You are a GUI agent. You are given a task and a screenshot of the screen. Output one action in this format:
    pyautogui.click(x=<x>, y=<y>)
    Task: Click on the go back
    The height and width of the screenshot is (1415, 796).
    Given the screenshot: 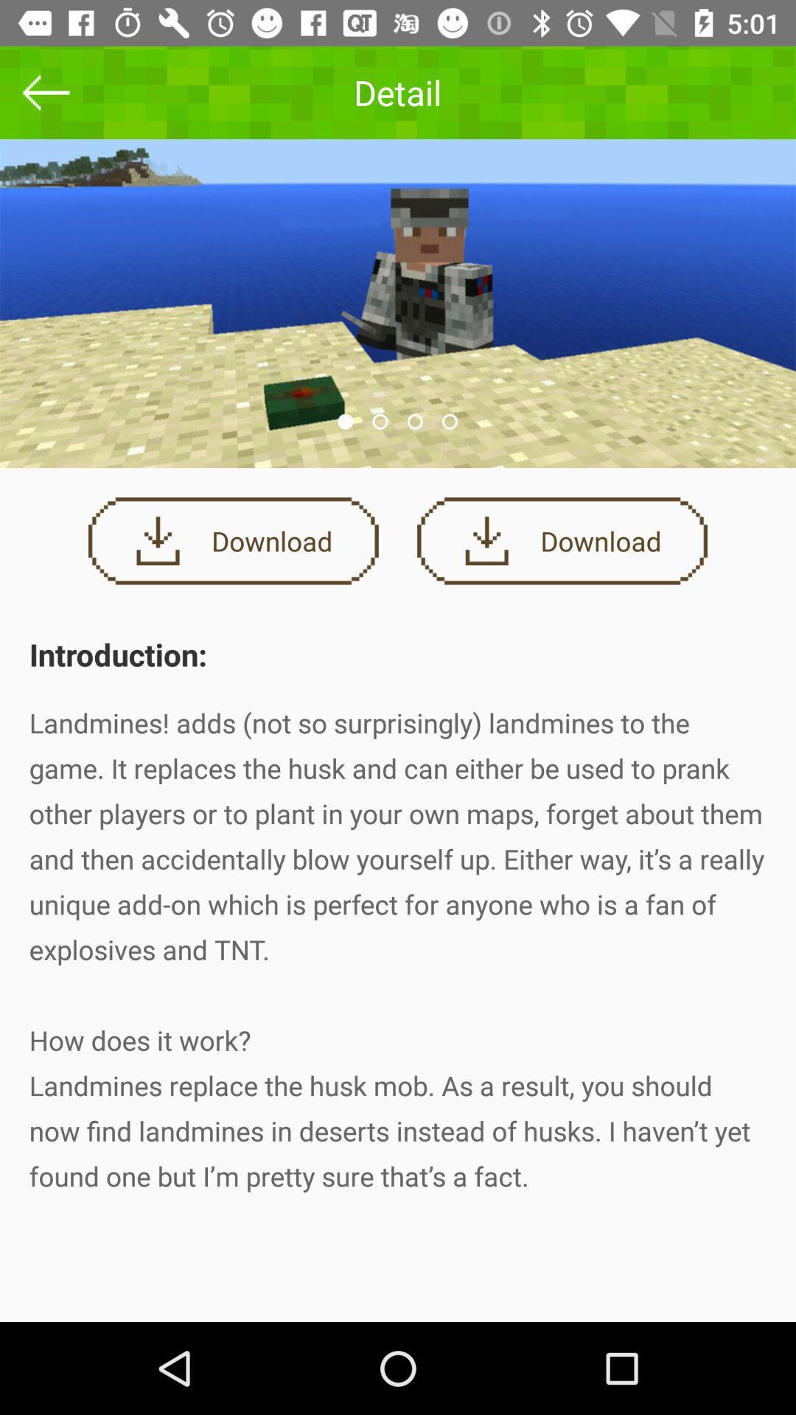 What is the action you would take?
    pyautogui.click(x=45, y=91)
    